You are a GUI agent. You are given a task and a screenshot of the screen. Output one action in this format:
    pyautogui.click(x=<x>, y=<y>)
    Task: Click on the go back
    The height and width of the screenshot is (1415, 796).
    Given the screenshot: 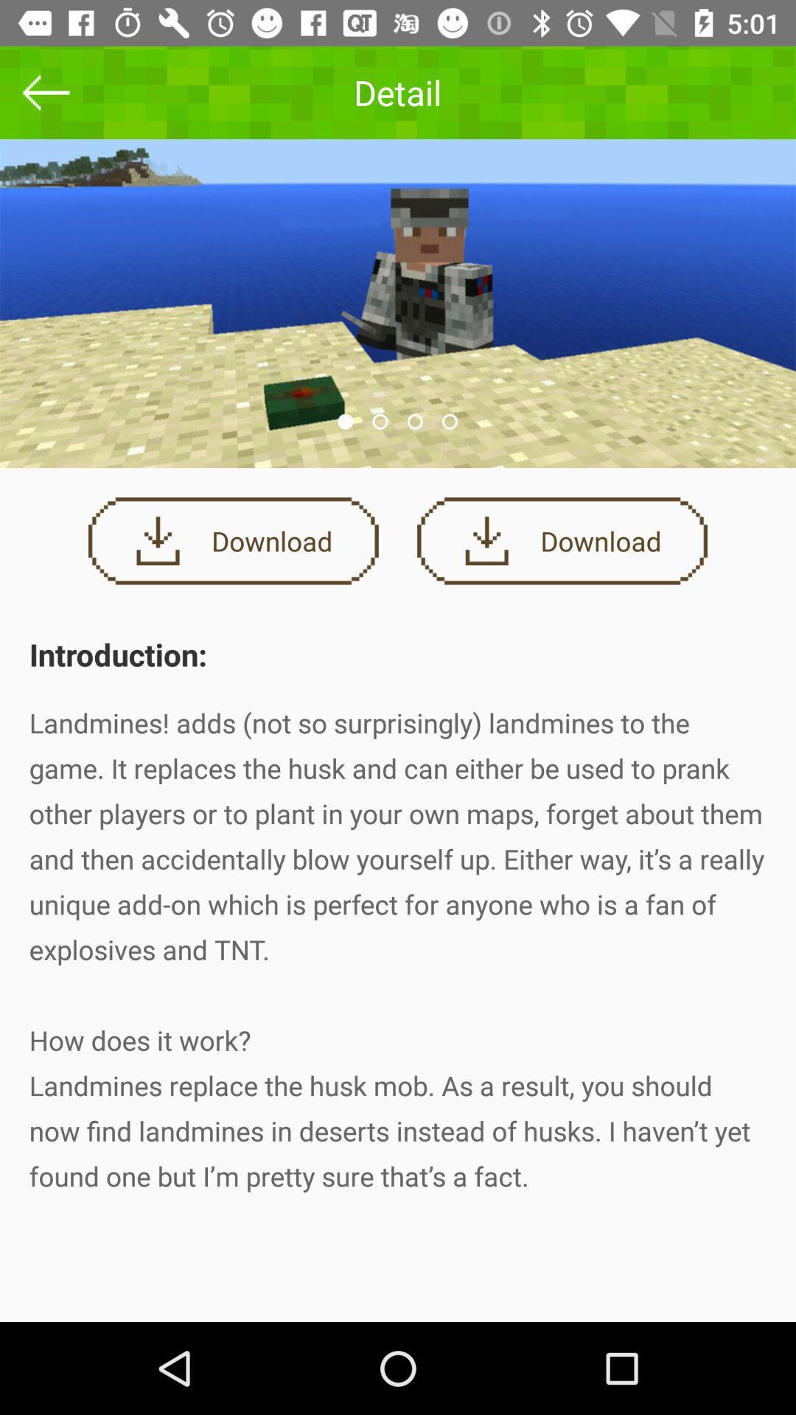 What is the action you would take?
    pyautogui.click(x=45, y=91)
    